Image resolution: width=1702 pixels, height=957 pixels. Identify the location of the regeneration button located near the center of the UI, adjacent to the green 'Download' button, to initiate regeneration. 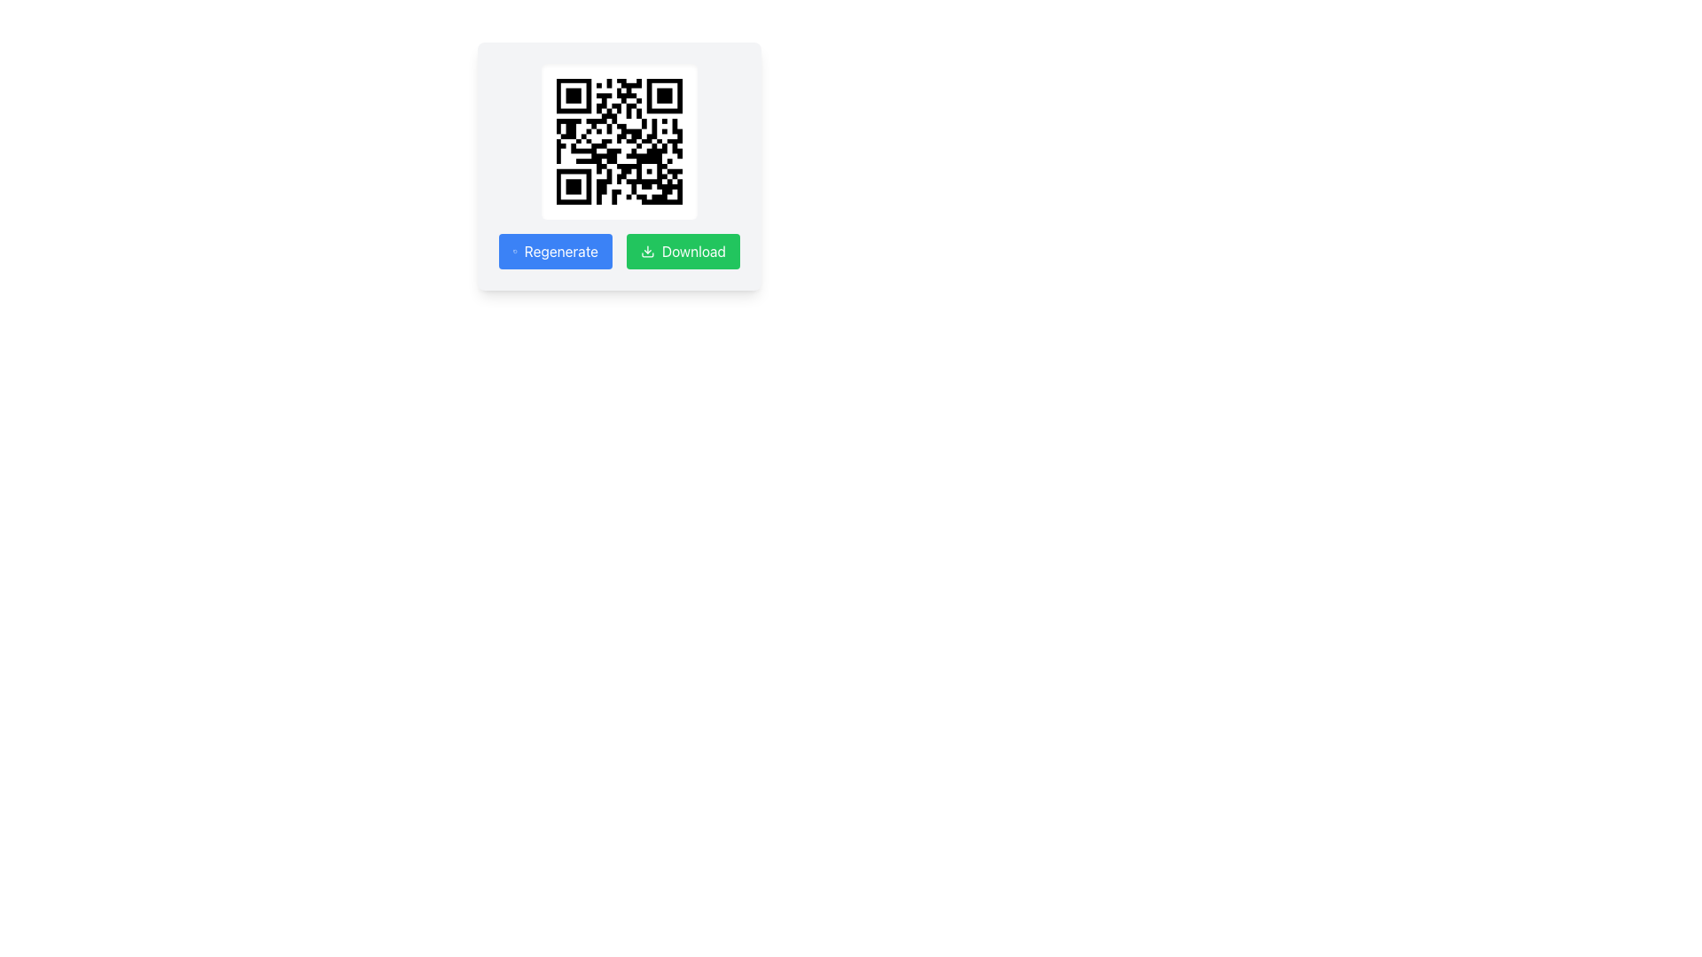
(555, 252).